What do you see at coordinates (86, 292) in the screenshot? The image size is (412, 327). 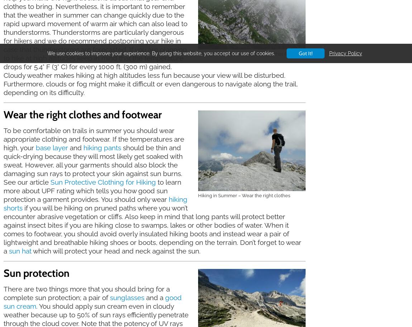 I see `'There are two things more that you should bring for a complete sun protection; a pair of'` at bounding box center [86, 292].